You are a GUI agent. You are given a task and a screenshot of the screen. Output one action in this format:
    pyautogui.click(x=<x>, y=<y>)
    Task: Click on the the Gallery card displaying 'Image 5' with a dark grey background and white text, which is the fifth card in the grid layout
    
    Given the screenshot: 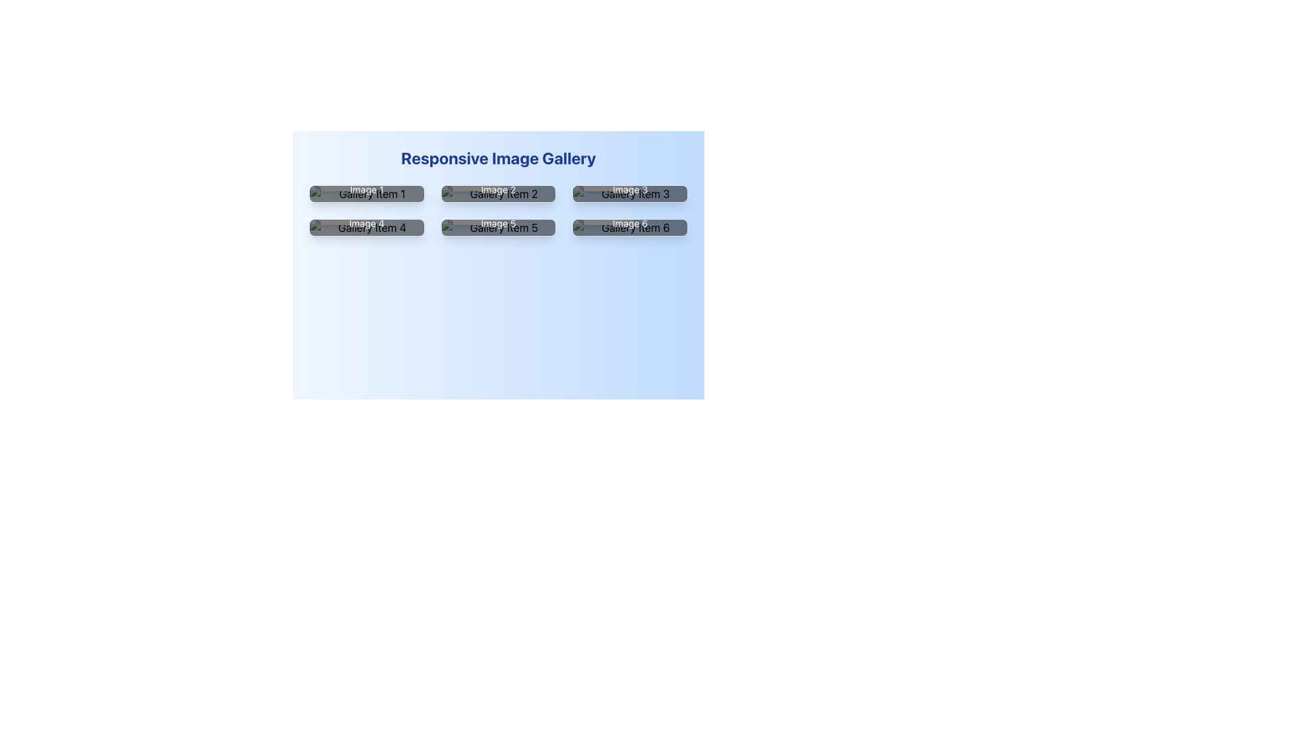 What is the action you would take?
    pyautogui.click(x=497, y=226)
    